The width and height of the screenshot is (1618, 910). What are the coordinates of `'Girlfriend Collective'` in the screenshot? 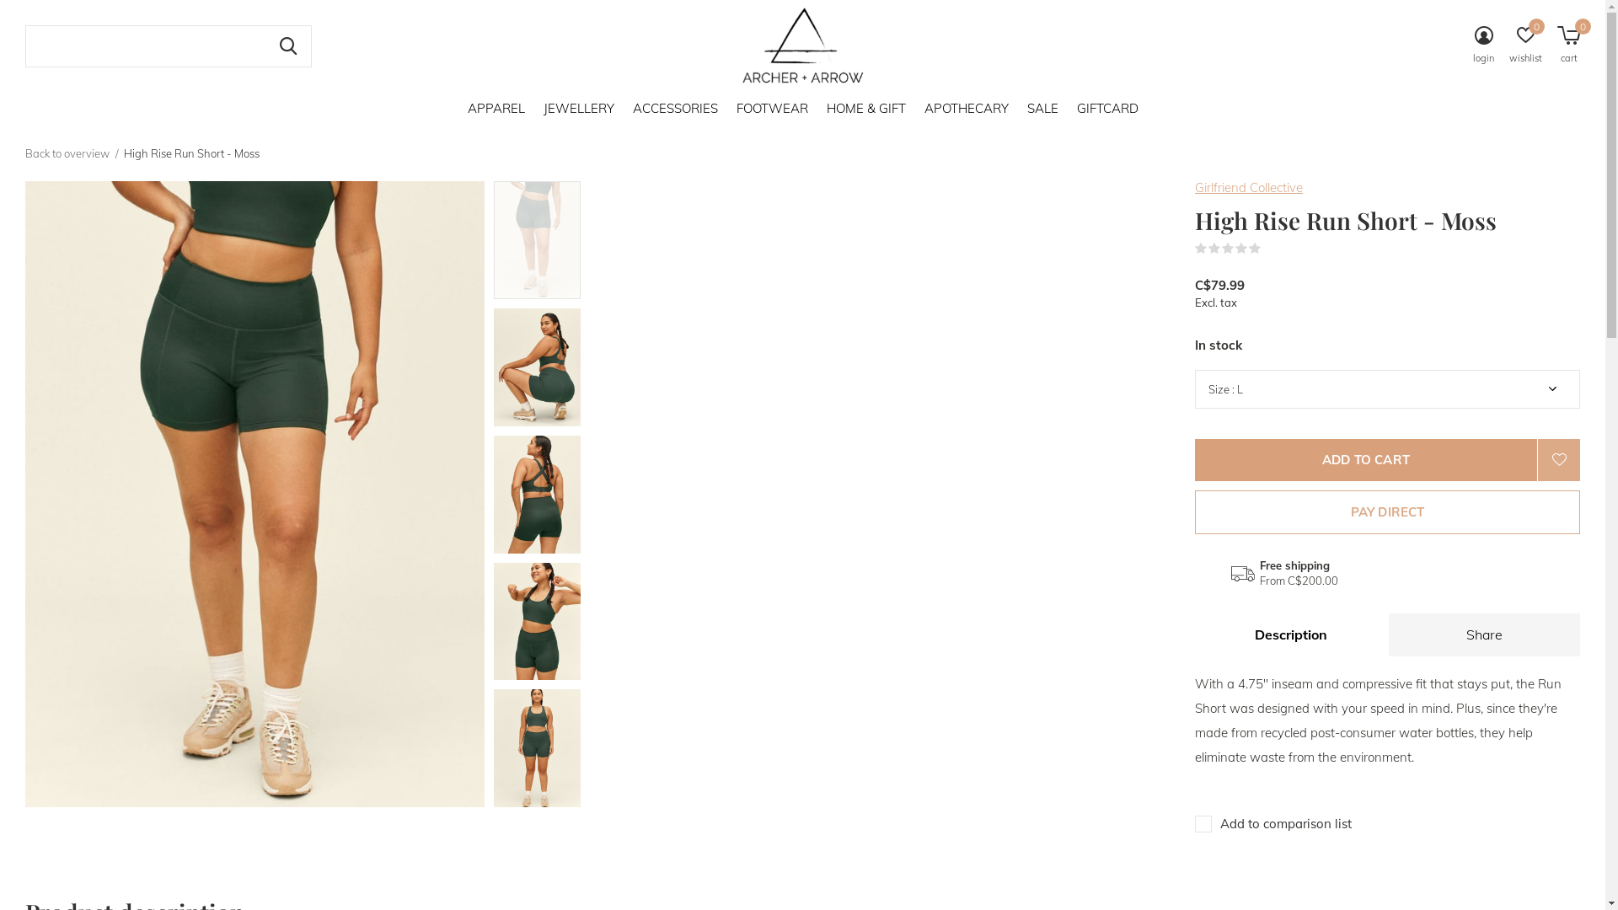 It's located at (1249, 187).